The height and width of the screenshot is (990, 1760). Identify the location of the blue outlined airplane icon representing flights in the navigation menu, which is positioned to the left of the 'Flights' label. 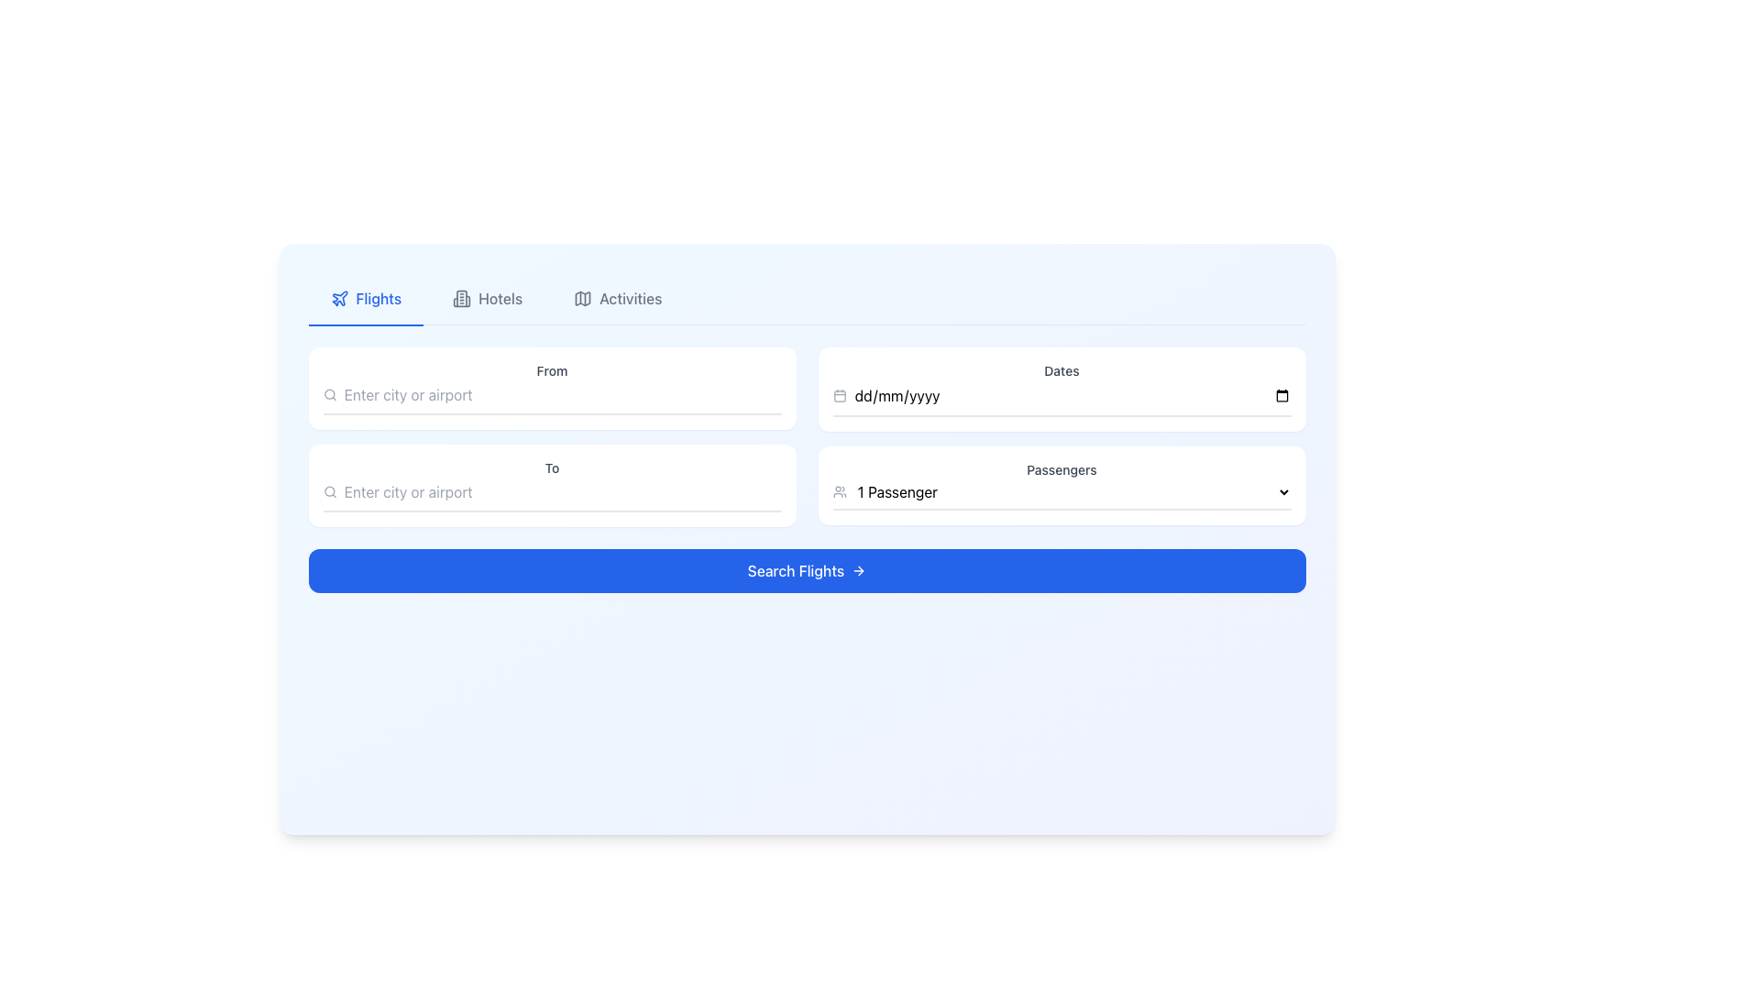
(339, 298).